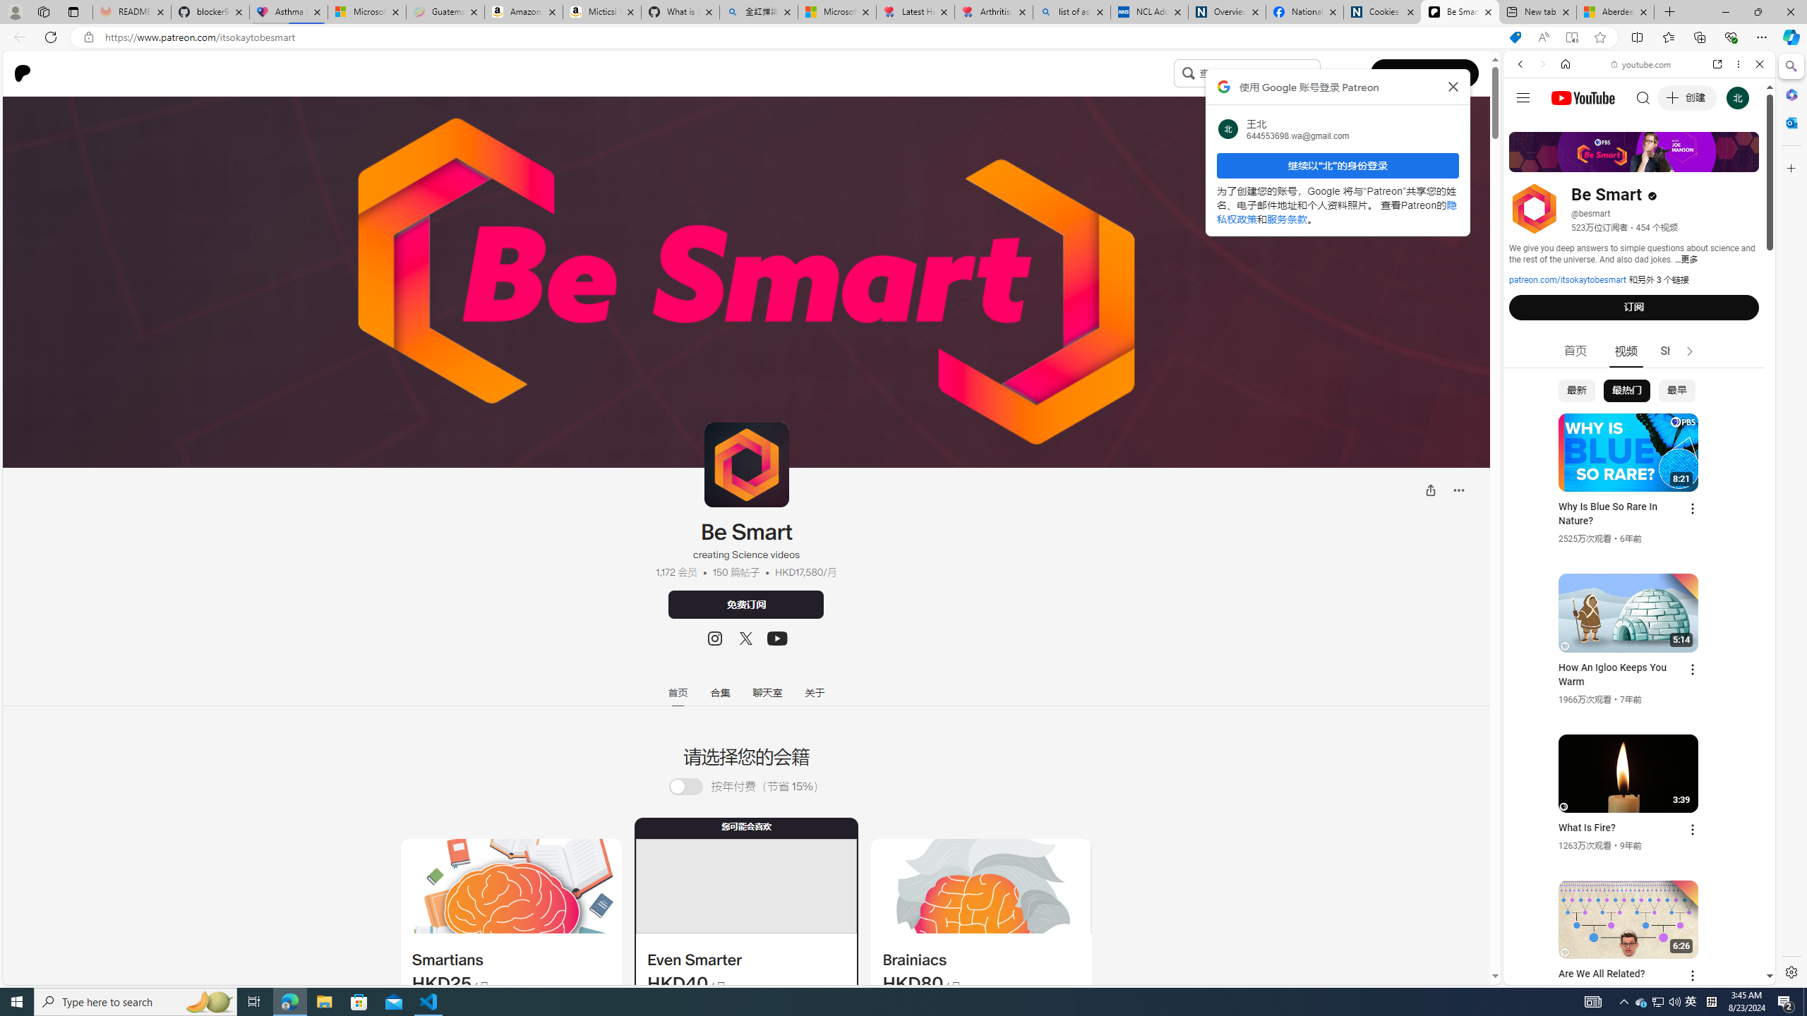  What do you see at coordinates (1526, 160) in the screenshot?
I see `'Search Filter, WEB'` at bounding box center [1526, 160].